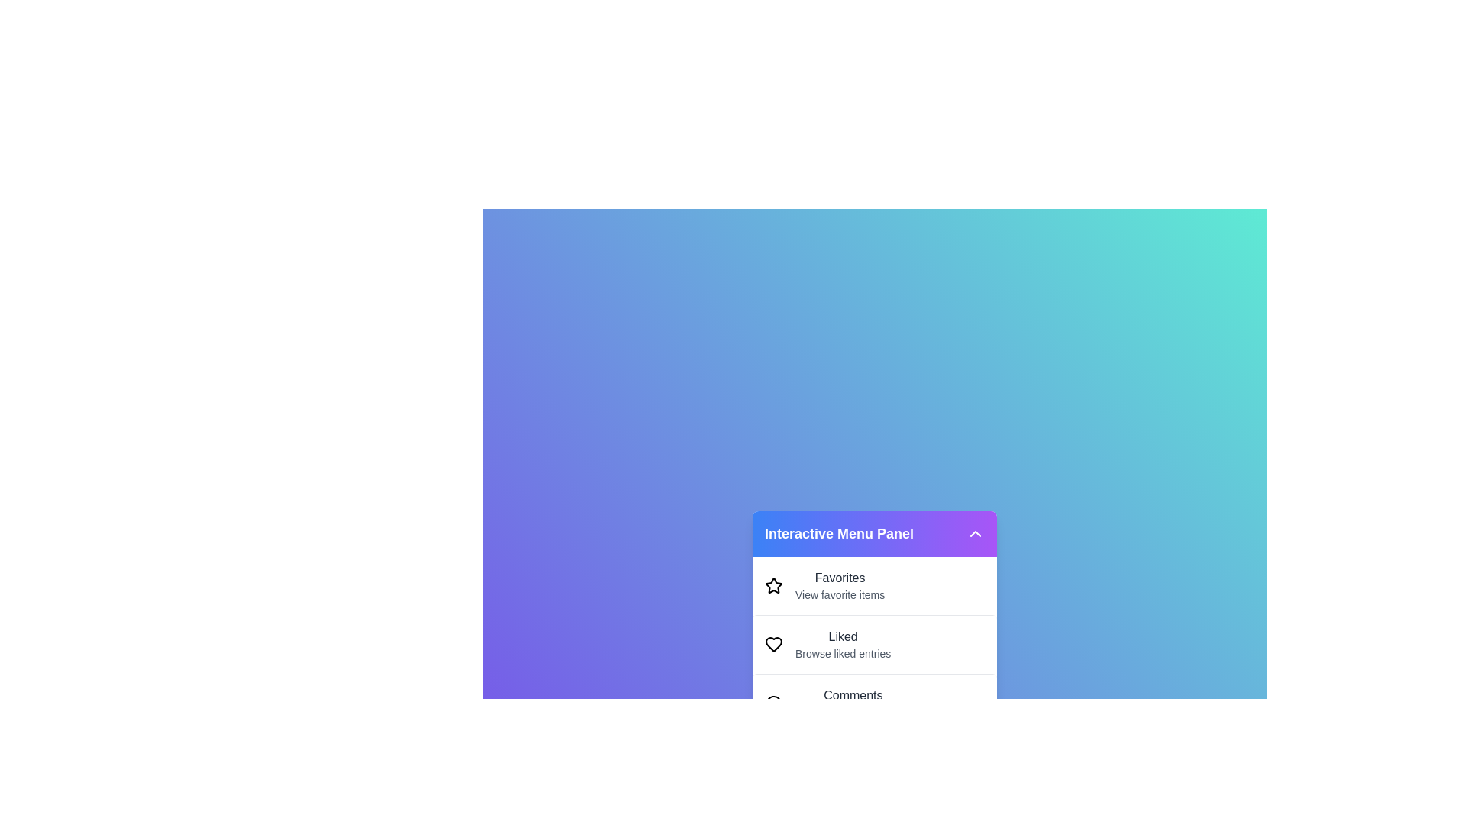 This screenshot has height=825, width=1467. I want to click on the descriptive text of the menu item Favorites, so click(839, 577).